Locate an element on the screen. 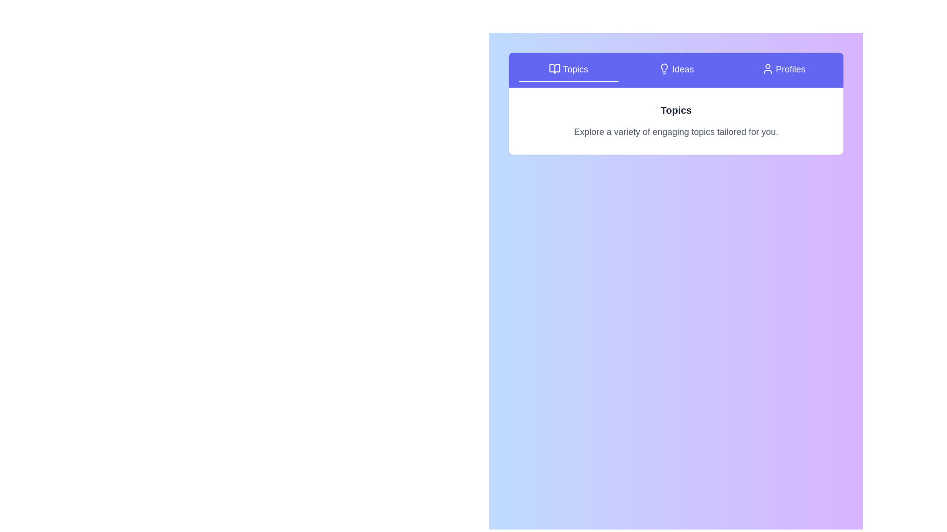 The width and height of the screenshot is (947, 532). the Ideas tab by clicking on it is located at coordinates (676, 69).